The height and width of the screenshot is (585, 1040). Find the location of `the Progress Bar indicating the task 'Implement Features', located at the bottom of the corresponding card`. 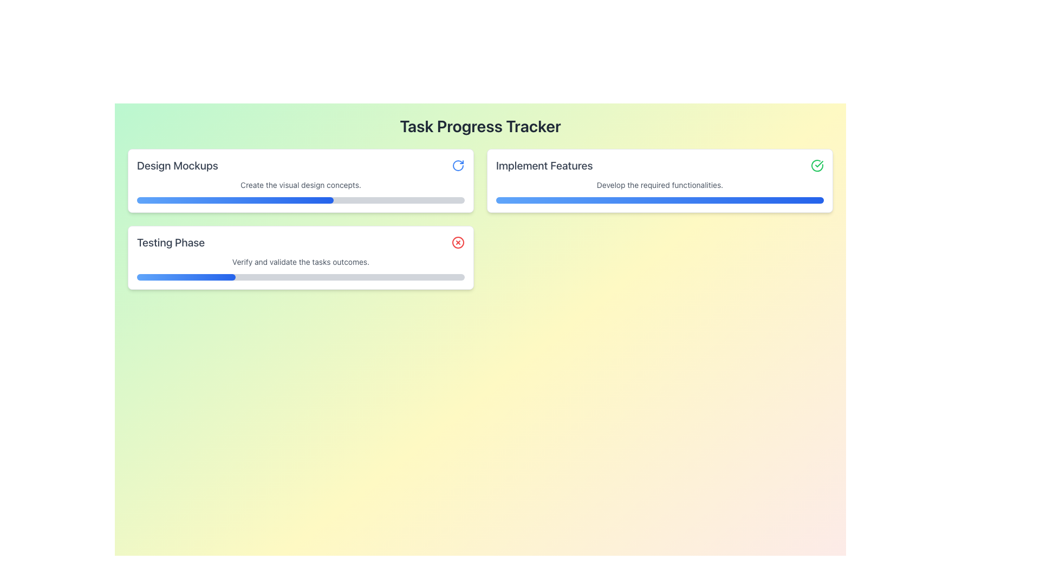

the Progress Bar indicating the task 'Implement Features', located at the bottom of the corresponding card is located at coordinates (659, 200).